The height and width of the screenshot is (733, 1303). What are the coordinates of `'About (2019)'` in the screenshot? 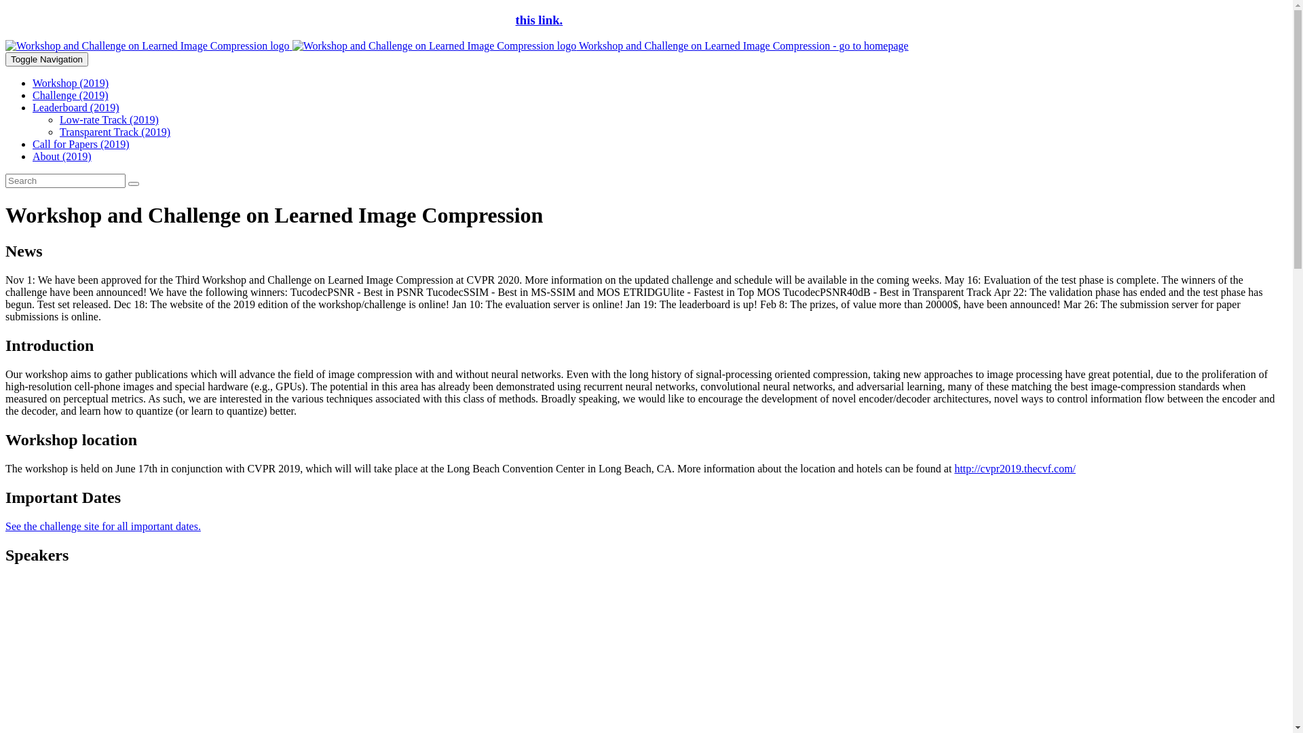 It's located at (61, 155).